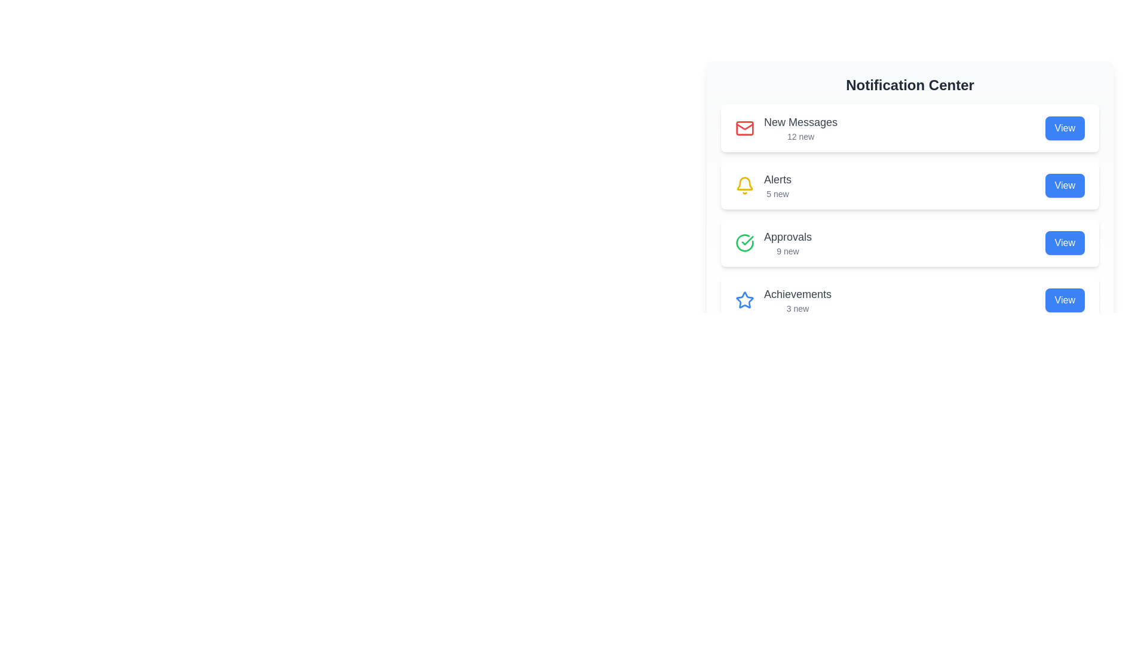 The width and height of the screenshot is (1147, 645). Describe the element at coordinates (1065, 242) in the screenshot. I see `the button next to the 'Approvals: 9 new' notification in the Notification Center` at that location.